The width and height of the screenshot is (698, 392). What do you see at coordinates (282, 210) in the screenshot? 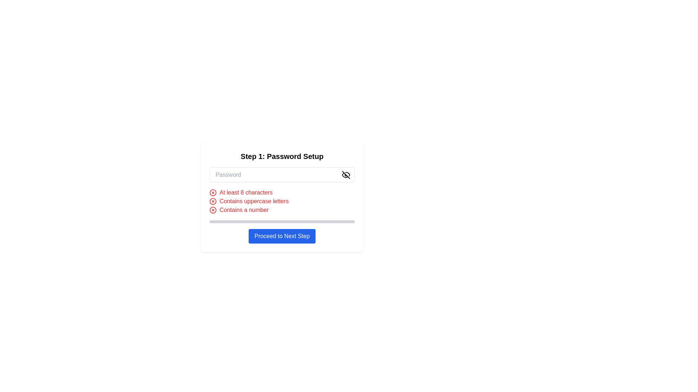
I see `the third text label with a red color and an icon to the left, located below the phrase 'Contains uppercase letters'` at bounding box center [282, 210].